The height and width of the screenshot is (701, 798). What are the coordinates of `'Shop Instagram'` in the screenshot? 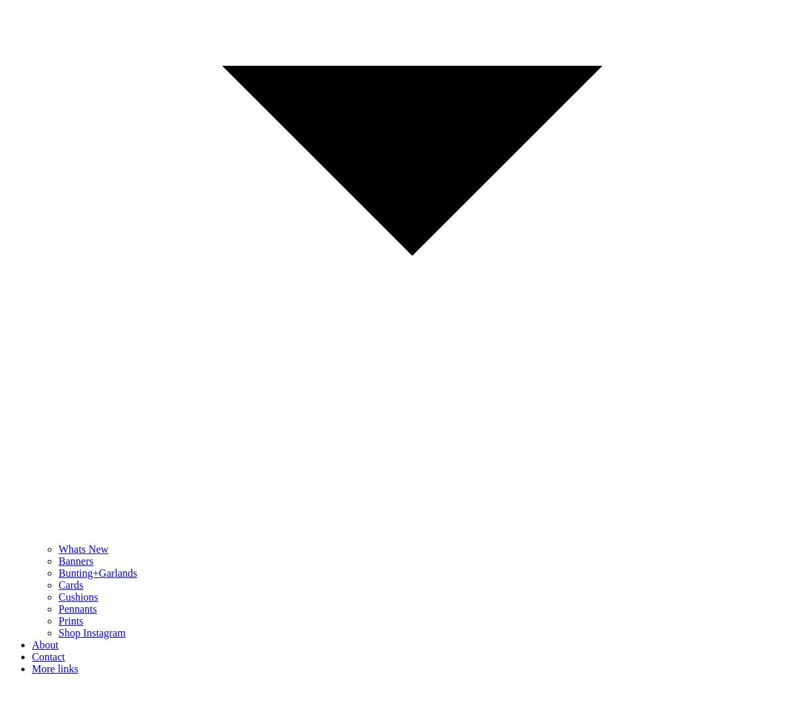 It's located at (92, 633).